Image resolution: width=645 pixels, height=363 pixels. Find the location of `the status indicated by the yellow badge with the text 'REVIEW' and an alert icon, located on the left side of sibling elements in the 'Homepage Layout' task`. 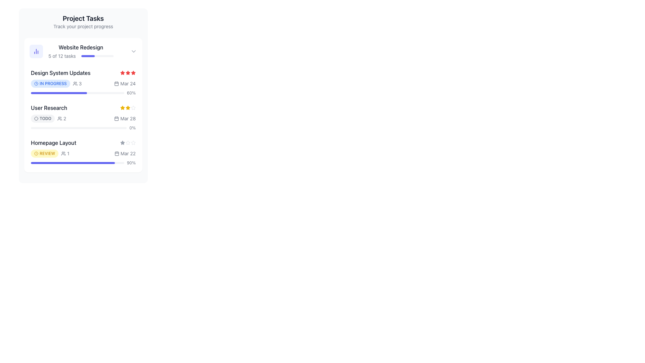

the status indicated by the yellow badge with the text 'REVIEW' and an alert icon, located on the left side of sibling elements in the 'Homepage Layout' task is located at coordinates (44, 153).